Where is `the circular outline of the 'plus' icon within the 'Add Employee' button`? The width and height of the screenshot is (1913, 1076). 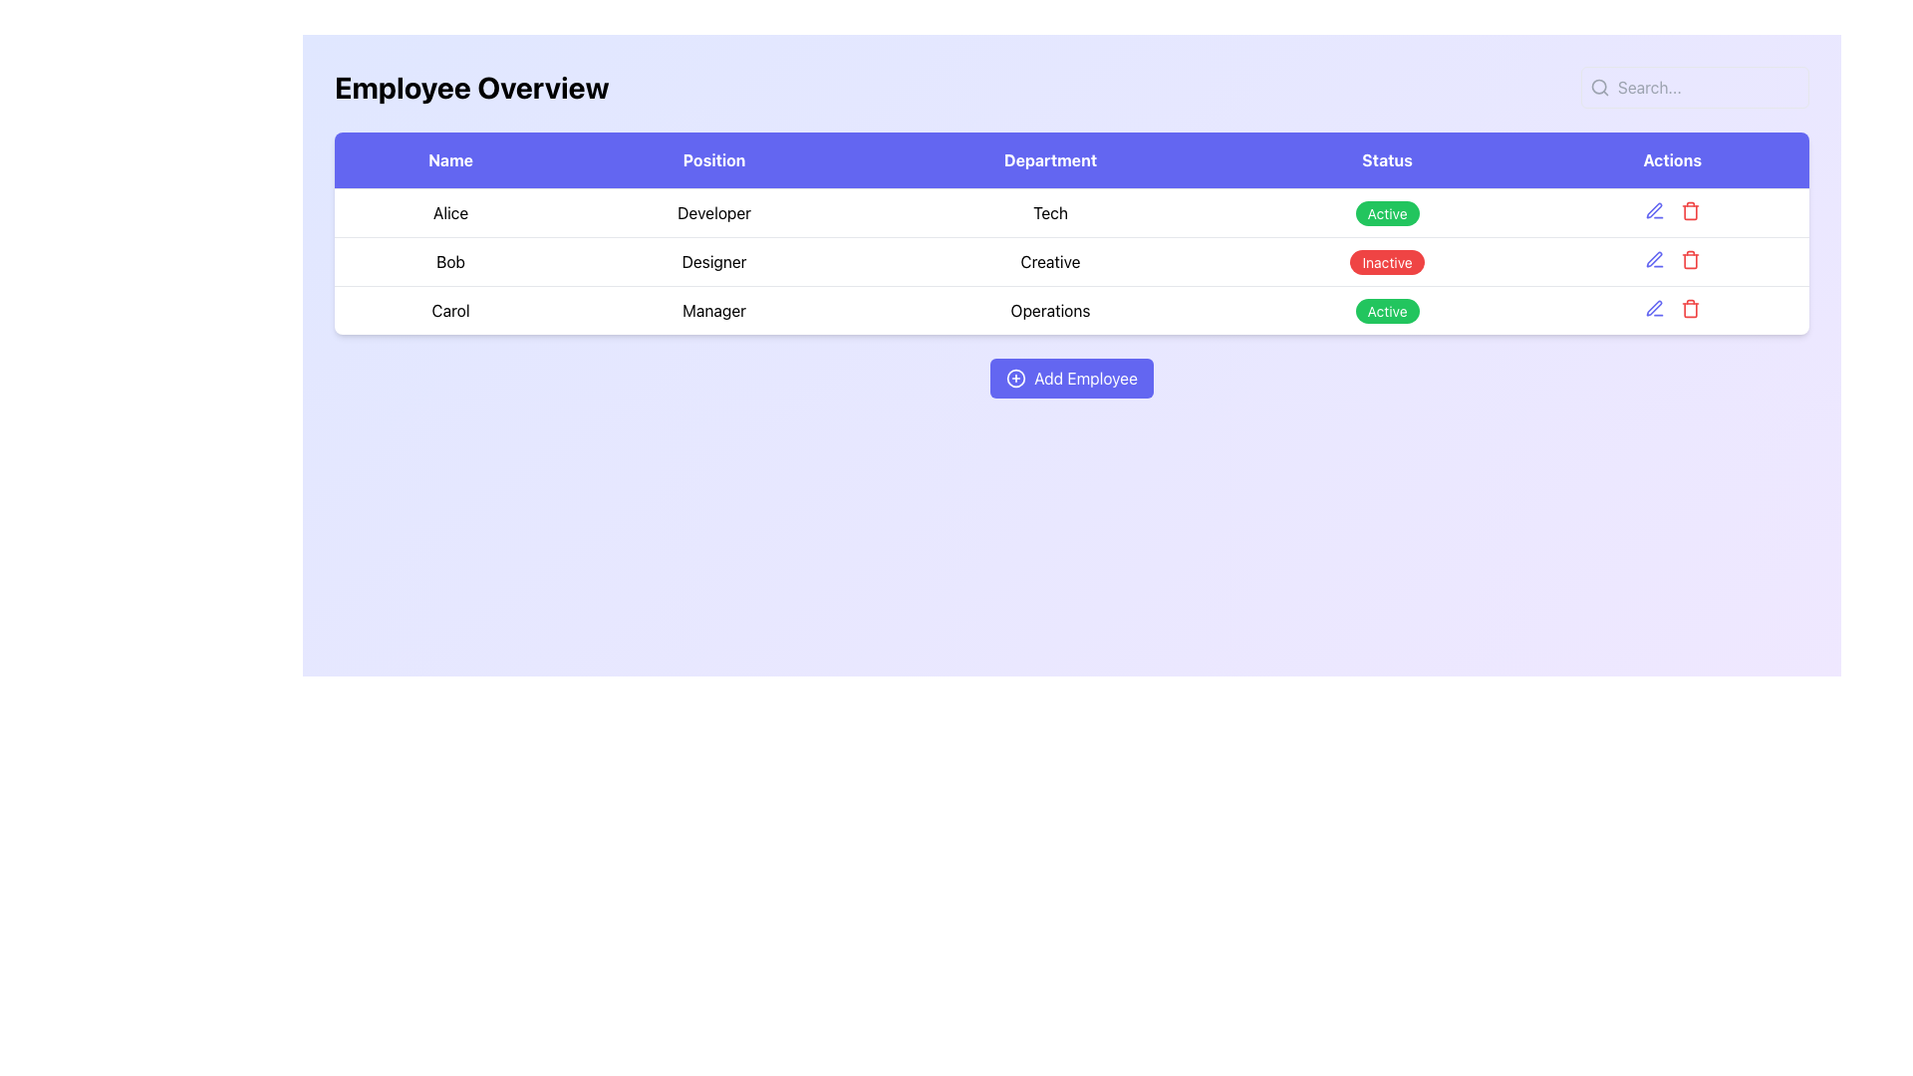 the circular outline of the 'plus' icon within the 'Add Employee' button is located at coordinates (1015, 379).